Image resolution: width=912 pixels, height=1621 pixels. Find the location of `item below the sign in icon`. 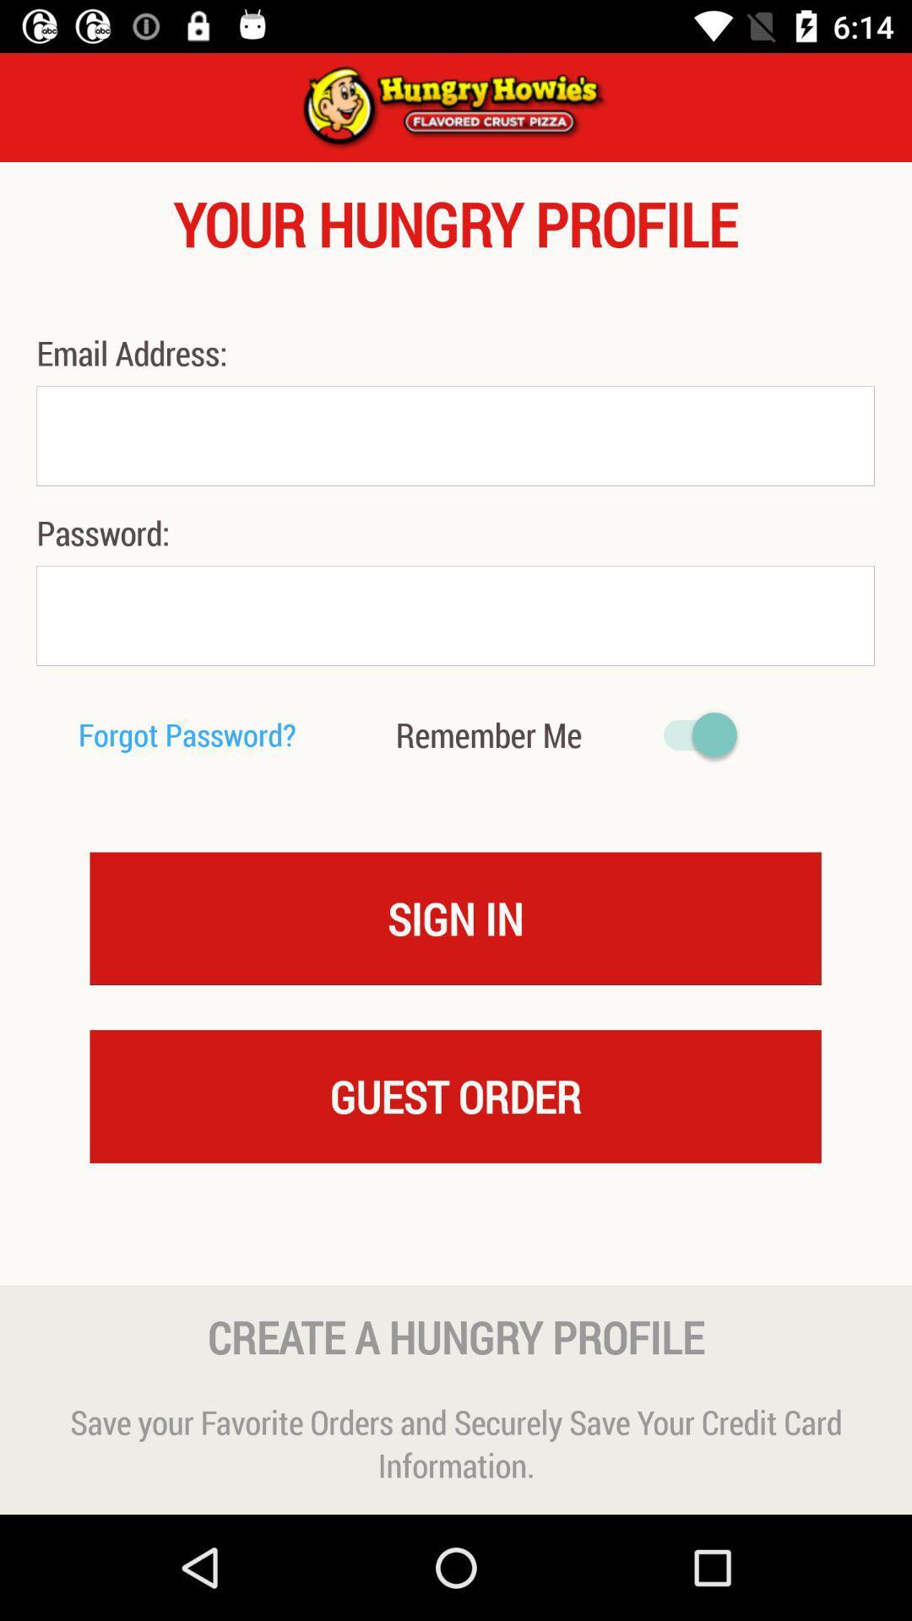

item below the sign in icon is located at coordinates (454, 1096).